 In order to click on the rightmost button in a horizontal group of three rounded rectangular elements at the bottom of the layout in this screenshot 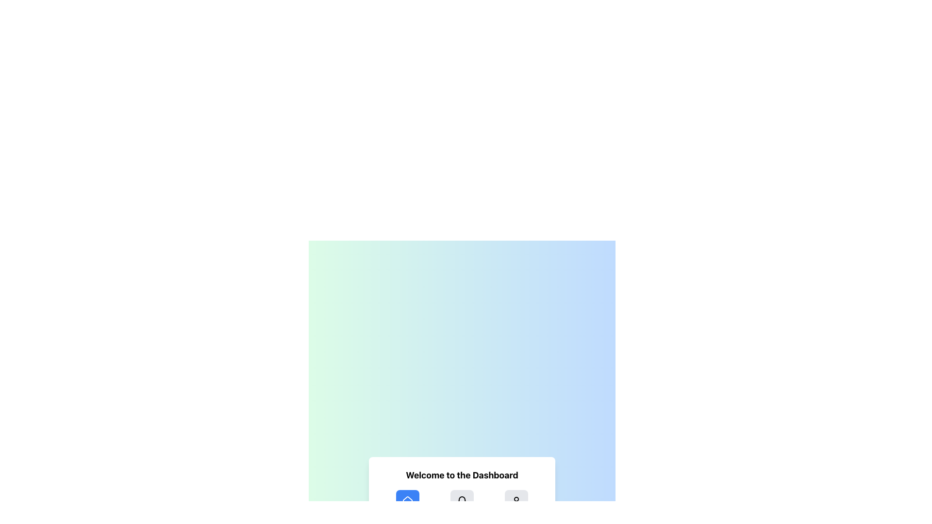, I will do `click(516, 501)`.